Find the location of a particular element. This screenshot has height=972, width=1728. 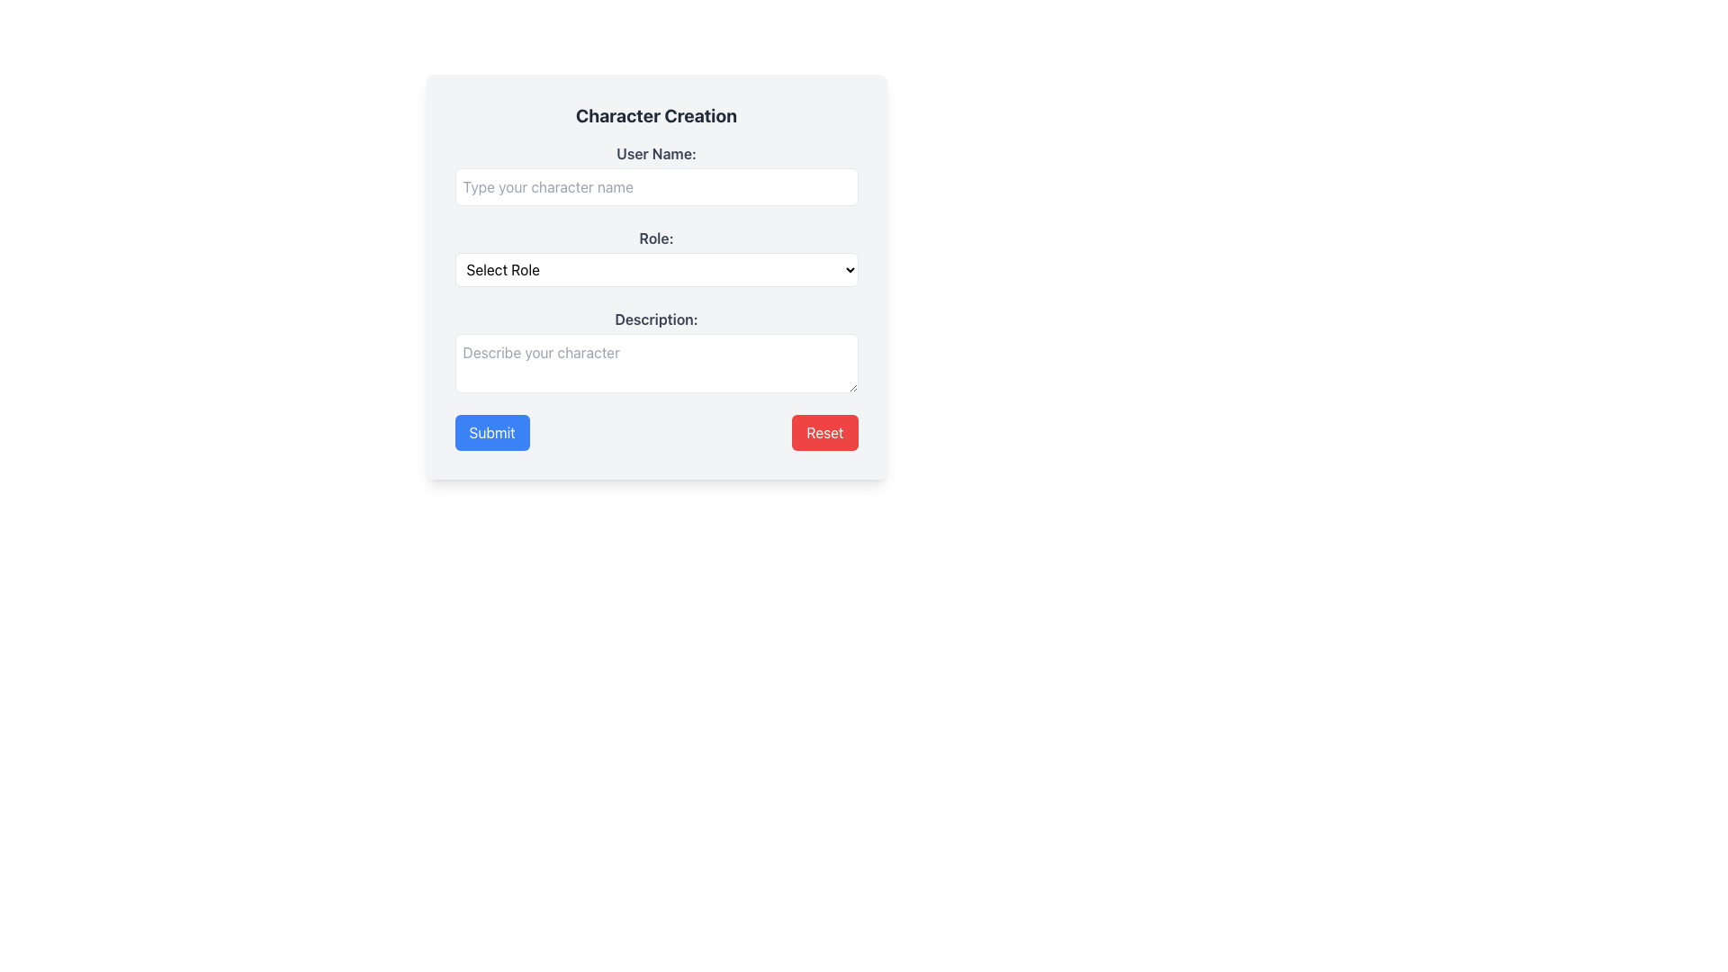

an option from the dropdown menu labeled 'Select Role', located in the center region of the form interface, below the 'Role:' label is located at coordinates (655, 256).